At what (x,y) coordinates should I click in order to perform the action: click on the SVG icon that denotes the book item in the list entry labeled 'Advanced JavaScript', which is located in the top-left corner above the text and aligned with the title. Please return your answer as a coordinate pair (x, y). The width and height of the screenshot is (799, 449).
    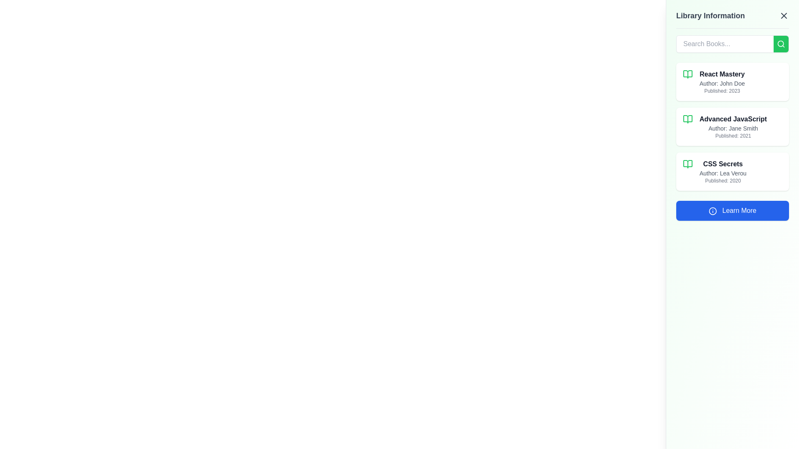
    Looking at the image, I should click on (687, 119).